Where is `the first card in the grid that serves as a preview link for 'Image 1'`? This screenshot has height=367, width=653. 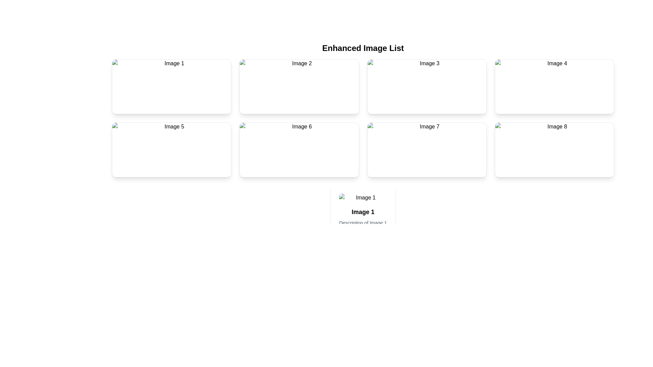 the first card in the grid that serves as a preview link for 'Image 1' is located at coordinates (171, 86).